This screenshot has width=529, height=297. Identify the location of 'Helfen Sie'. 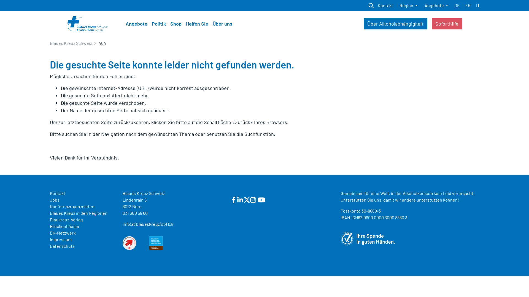
(197, 23).